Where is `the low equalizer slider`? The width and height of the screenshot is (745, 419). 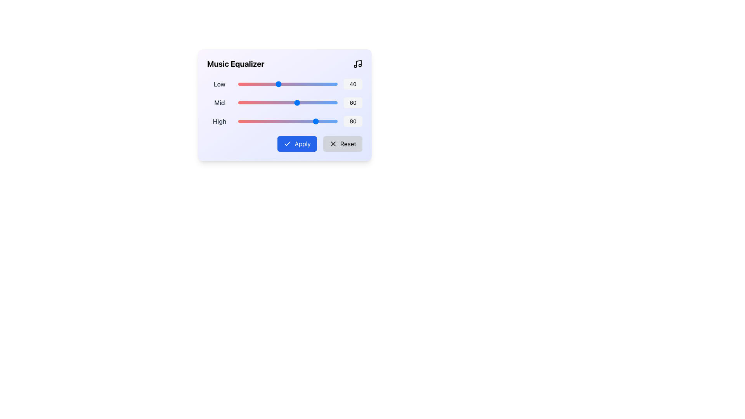 the low equalizer slider is located at coordinates (305, 84).